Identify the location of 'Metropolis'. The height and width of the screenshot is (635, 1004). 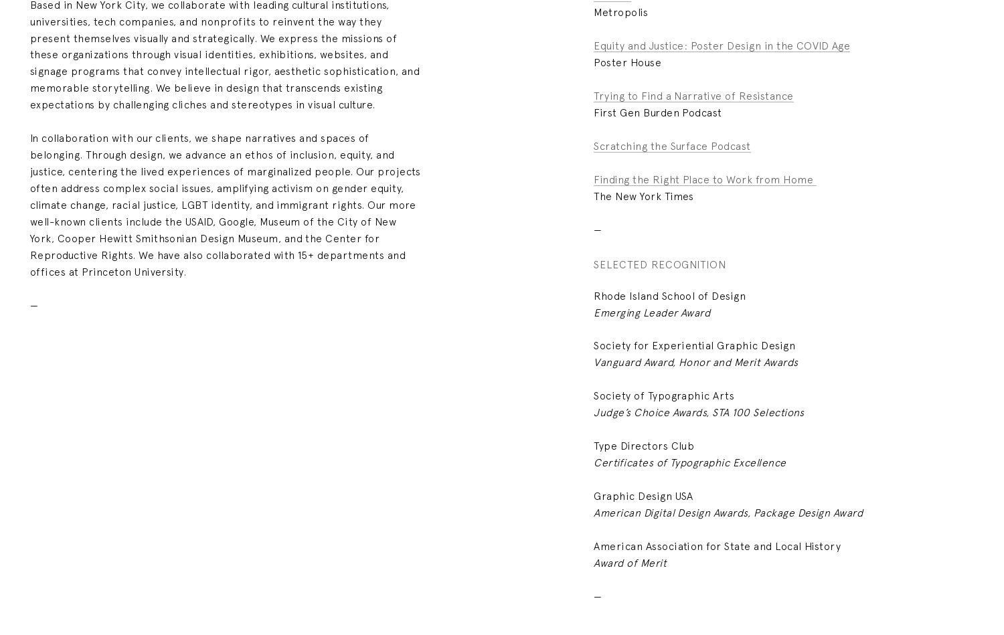
(593, 12).